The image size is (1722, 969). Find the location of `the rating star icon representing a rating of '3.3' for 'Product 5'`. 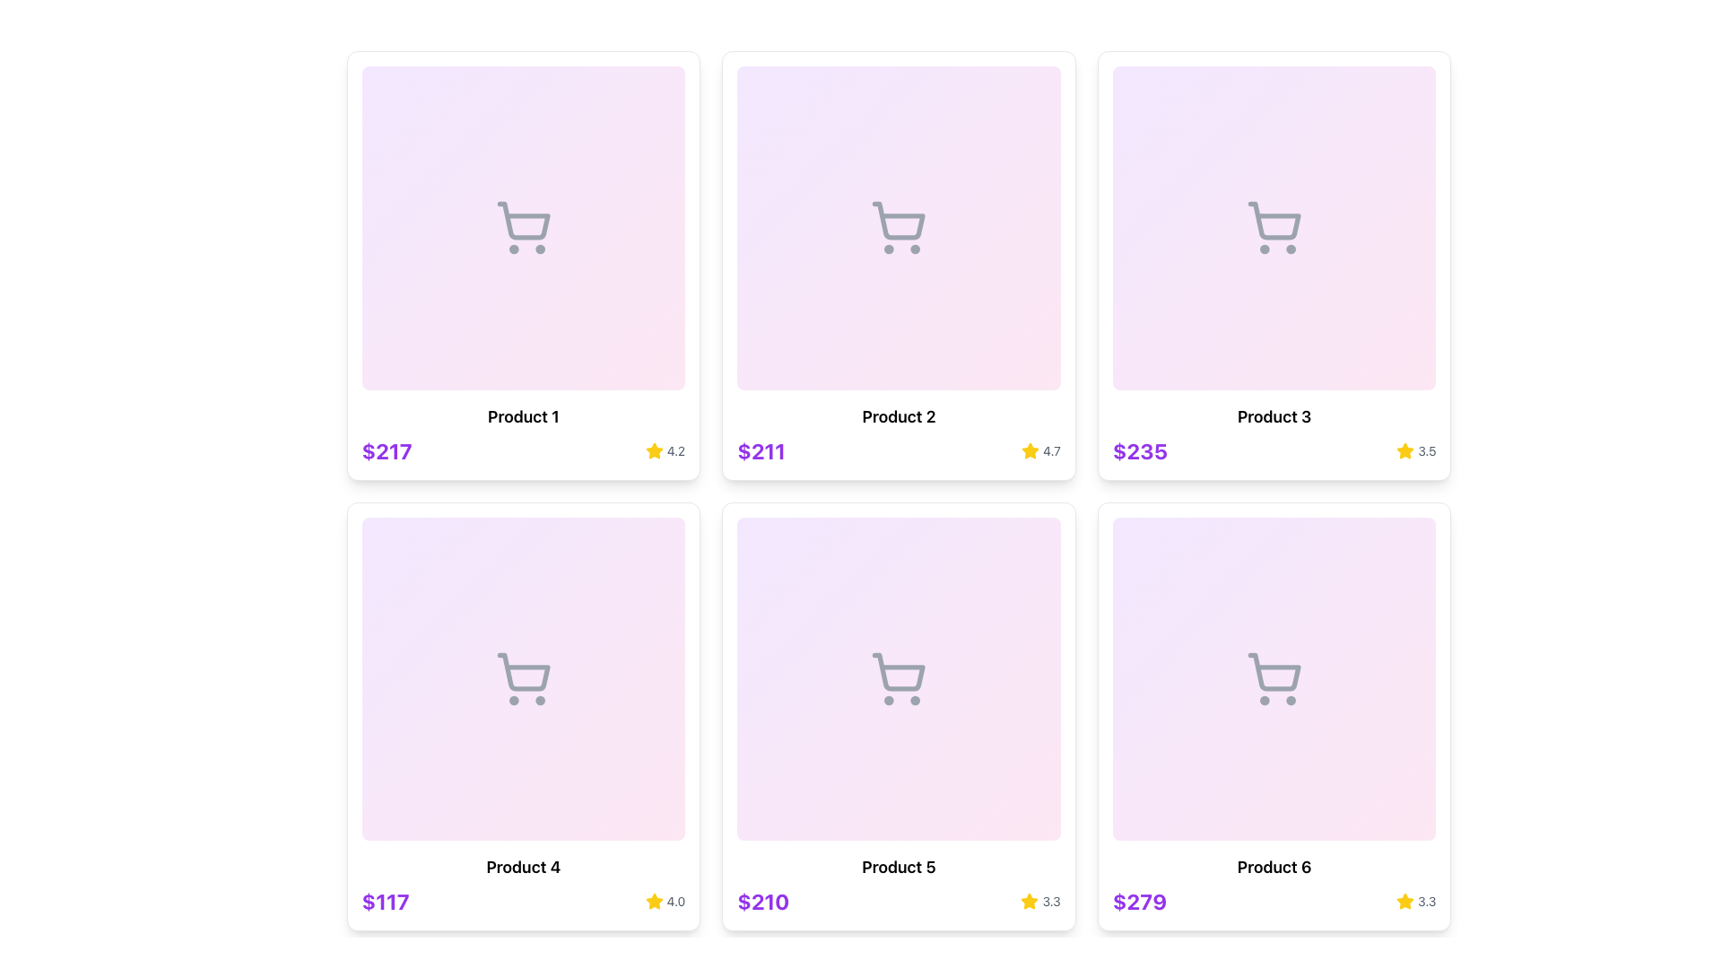

the rating star icon representing a rating of '3.3' for 'Product 5' is located at coordinates (1030, 902).